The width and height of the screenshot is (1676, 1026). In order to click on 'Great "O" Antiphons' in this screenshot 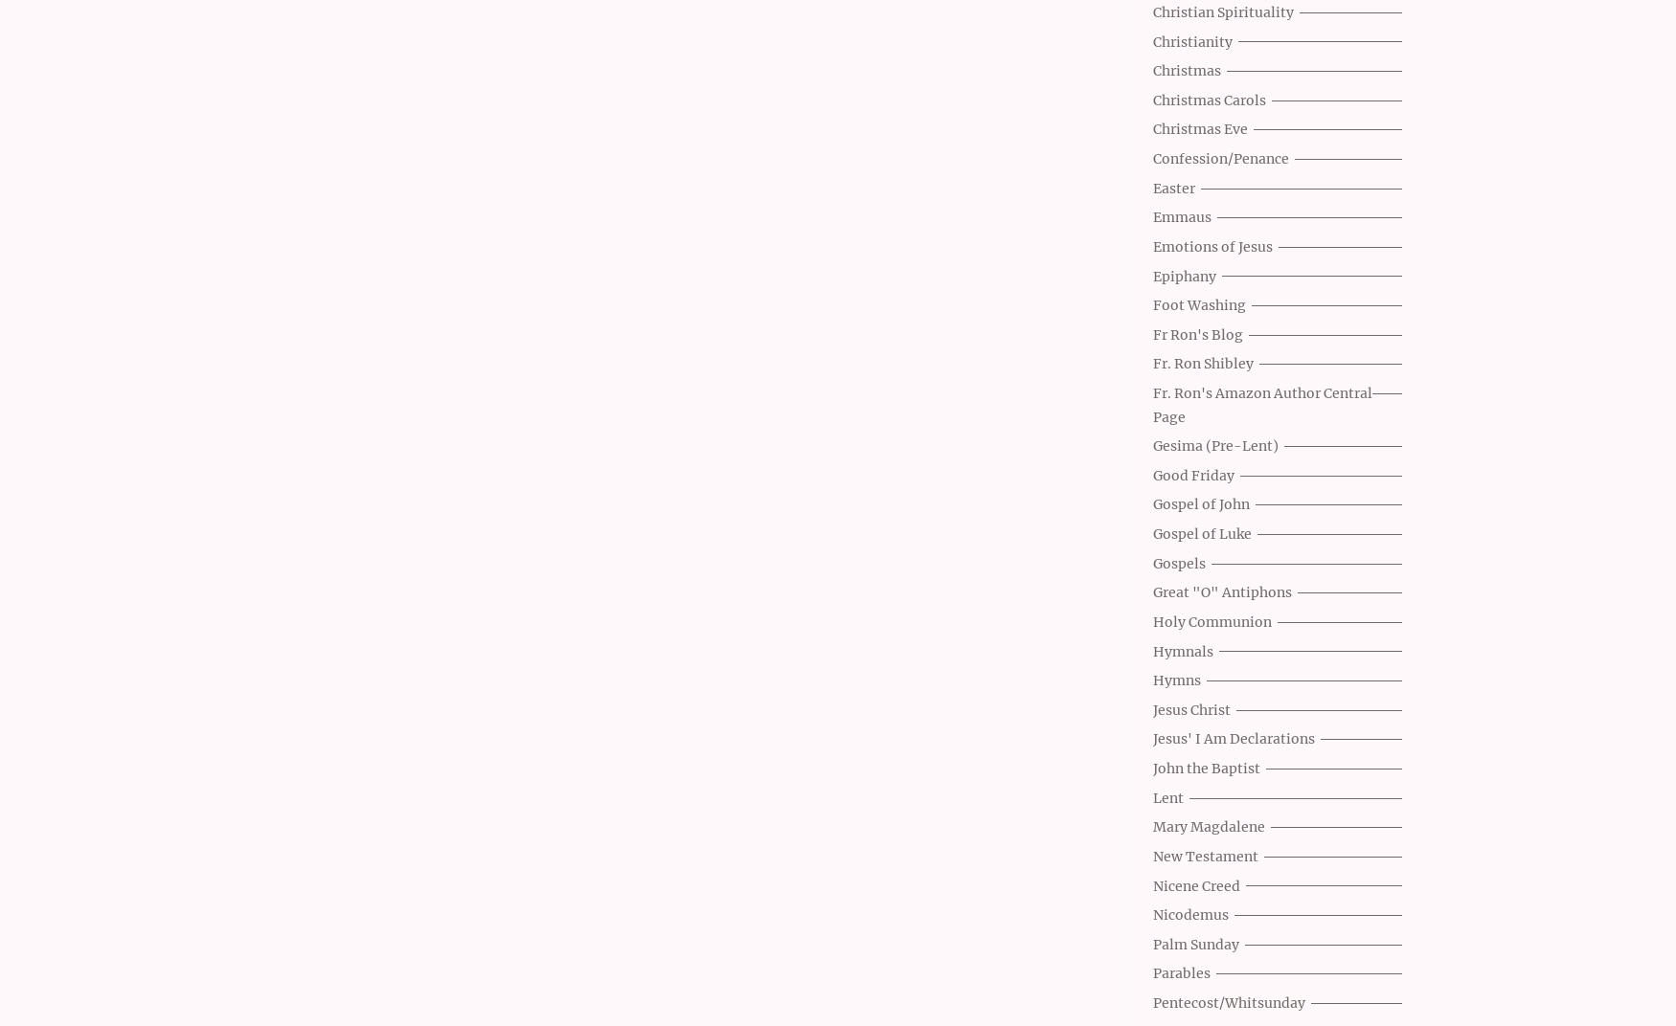, I will do `click(1153, 591)`.